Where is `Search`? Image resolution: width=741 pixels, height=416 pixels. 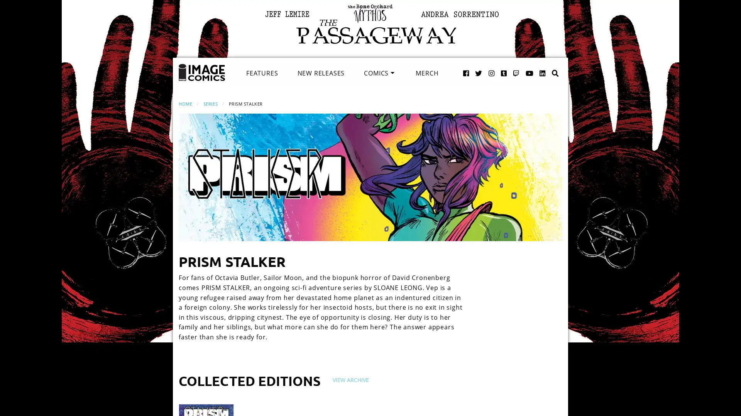
Search is located at coordinates (547, 65).